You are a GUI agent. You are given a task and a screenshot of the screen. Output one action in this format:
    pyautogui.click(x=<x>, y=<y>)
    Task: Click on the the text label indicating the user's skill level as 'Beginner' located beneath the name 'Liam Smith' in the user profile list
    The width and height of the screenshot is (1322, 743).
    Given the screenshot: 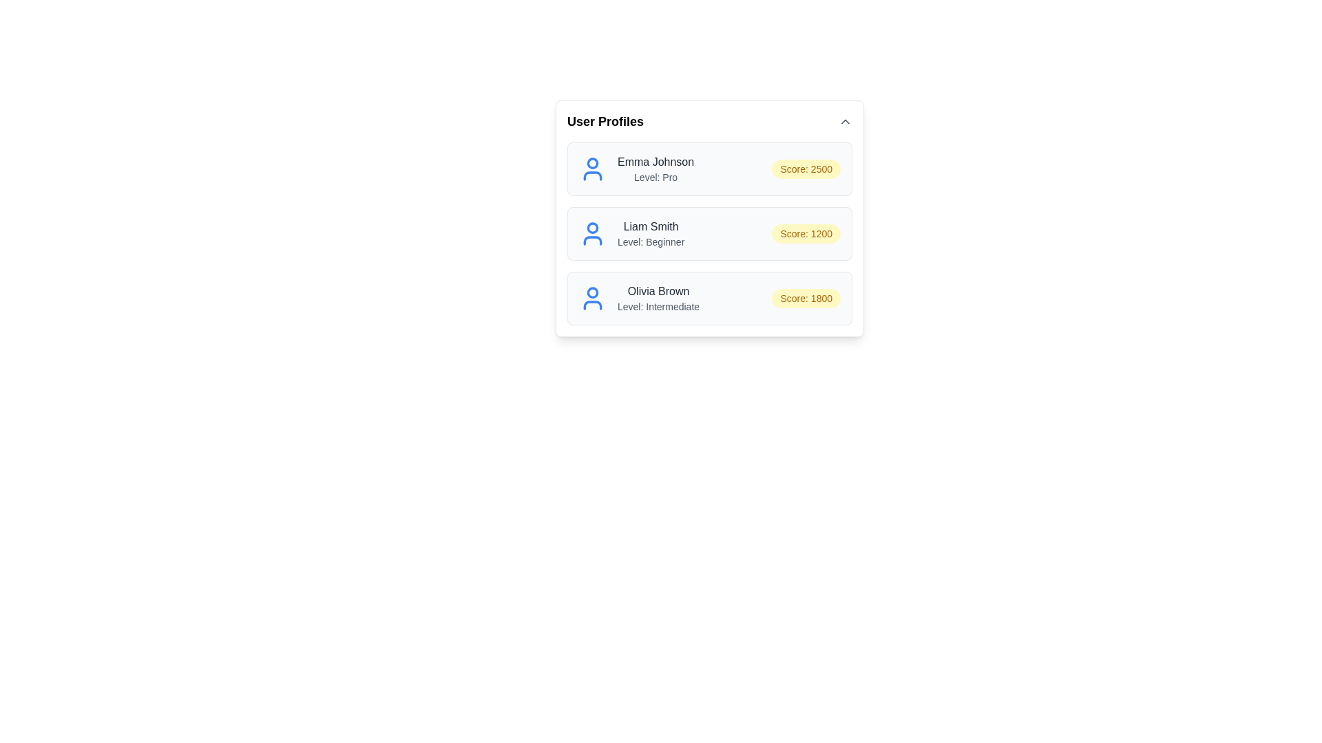 What is the action you would take?
    pyautogui.click(x=650, y=241)
    